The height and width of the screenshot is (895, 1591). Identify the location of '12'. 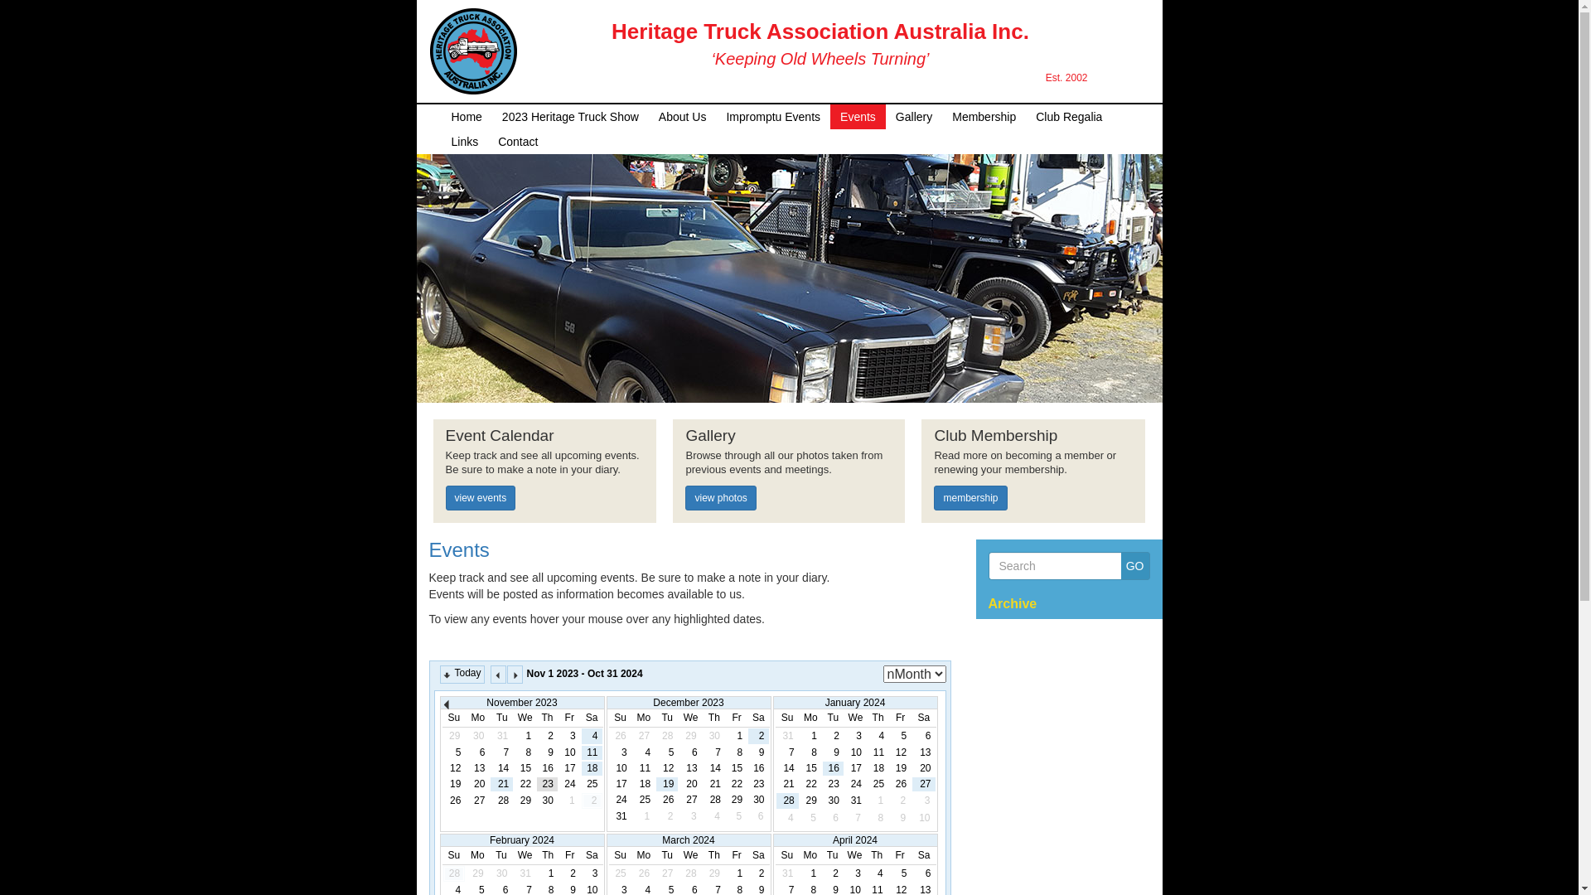
(655, 768).